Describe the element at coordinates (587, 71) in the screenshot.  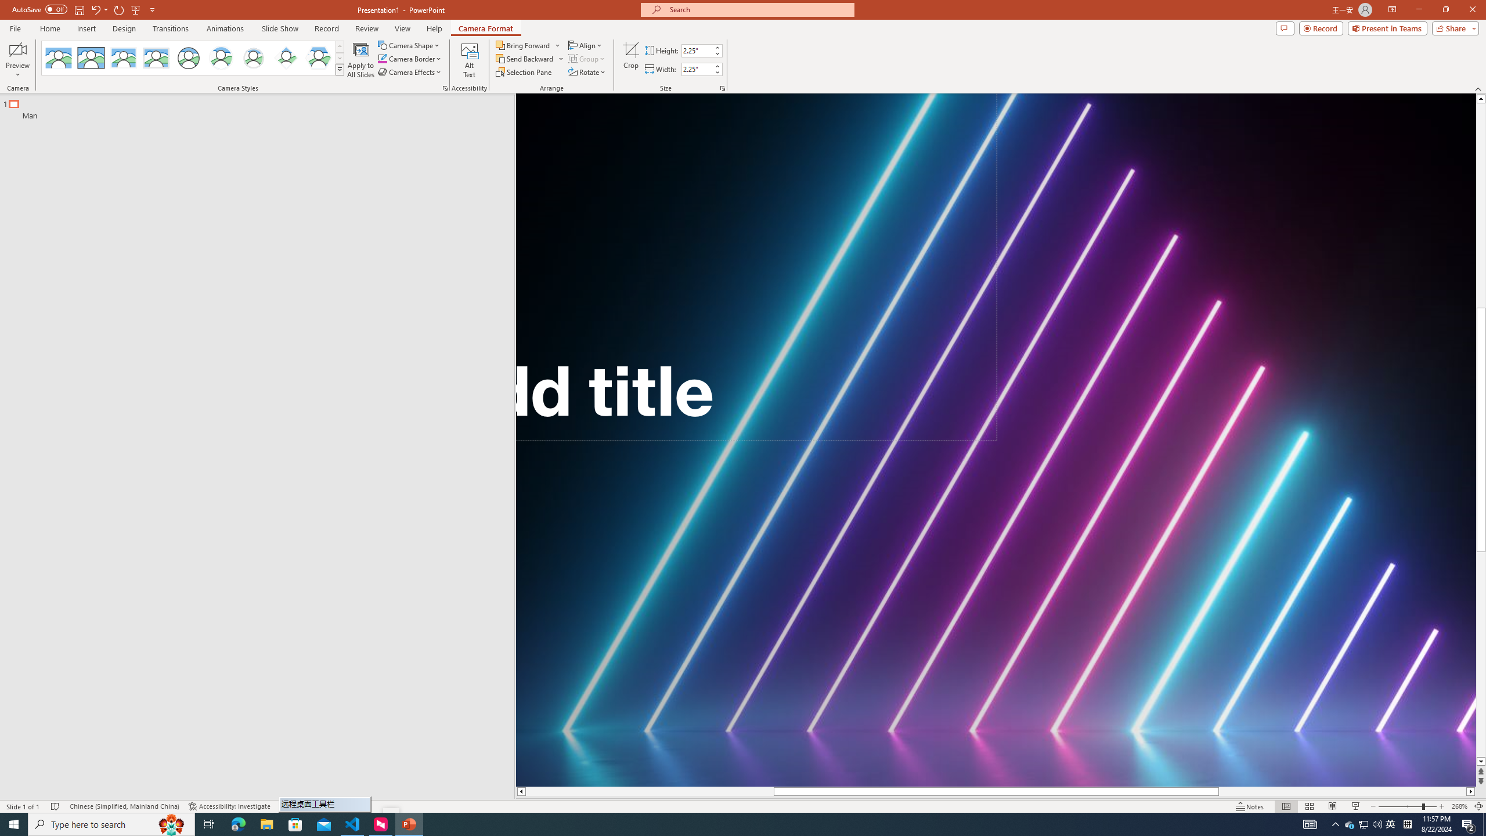
I see `'Rotate'` at that location.